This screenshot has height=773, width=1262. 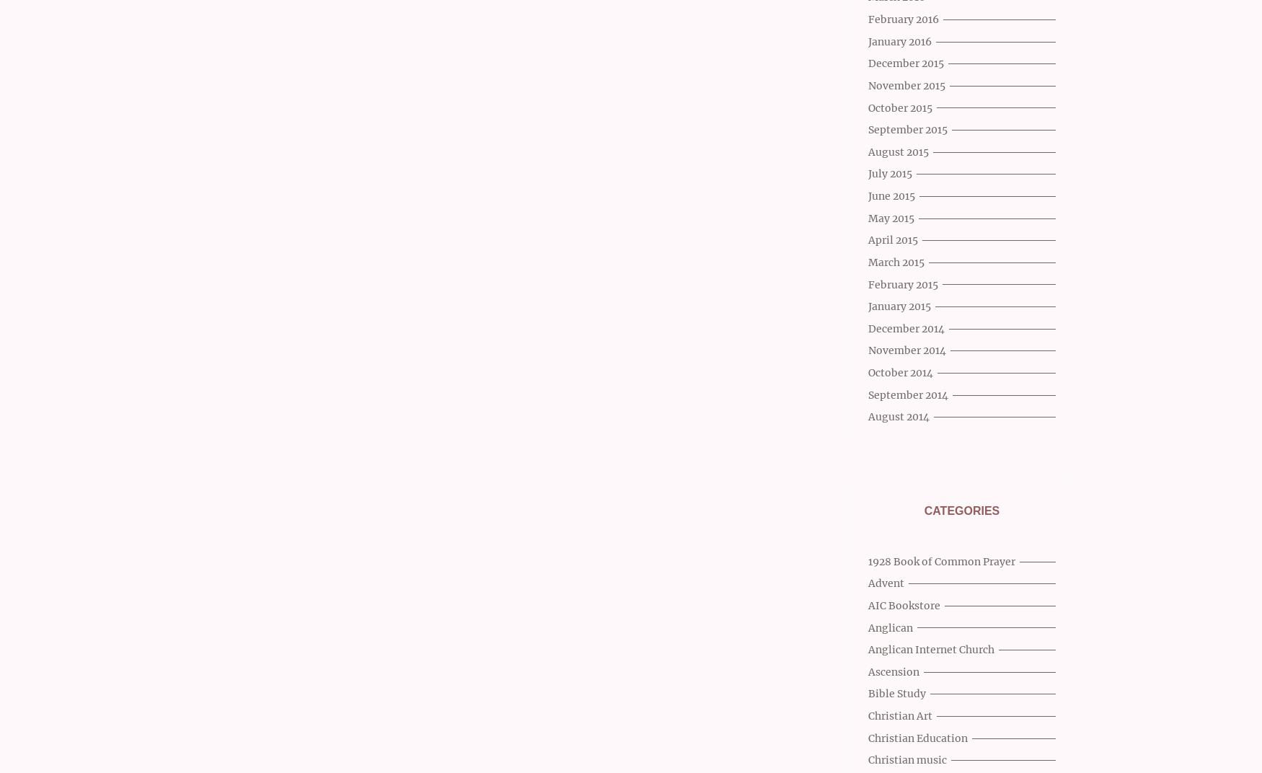 I want to click on 'September 2014', so click(x=907, y=394).